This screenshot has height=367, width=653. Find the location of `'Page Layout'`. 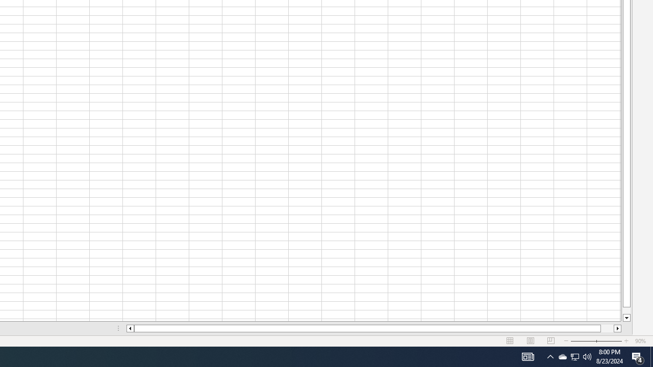

'Page Layout' is located at coordinates (531, 341).